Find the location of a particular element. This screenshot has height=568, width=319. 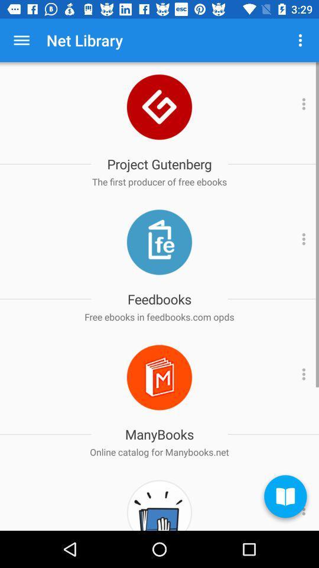

the app next to the net library app is located at coordinates (300, 40).